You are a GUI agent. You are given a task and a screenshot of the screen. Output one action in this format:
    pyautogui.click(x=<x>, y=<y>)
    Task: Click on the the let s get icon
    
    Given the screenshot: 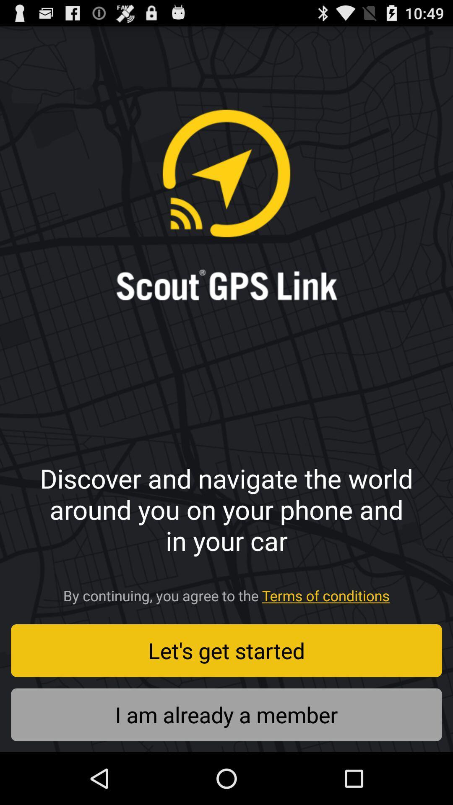 What is the action you would take?
    pyautogui.click(x=226, y=650)
    